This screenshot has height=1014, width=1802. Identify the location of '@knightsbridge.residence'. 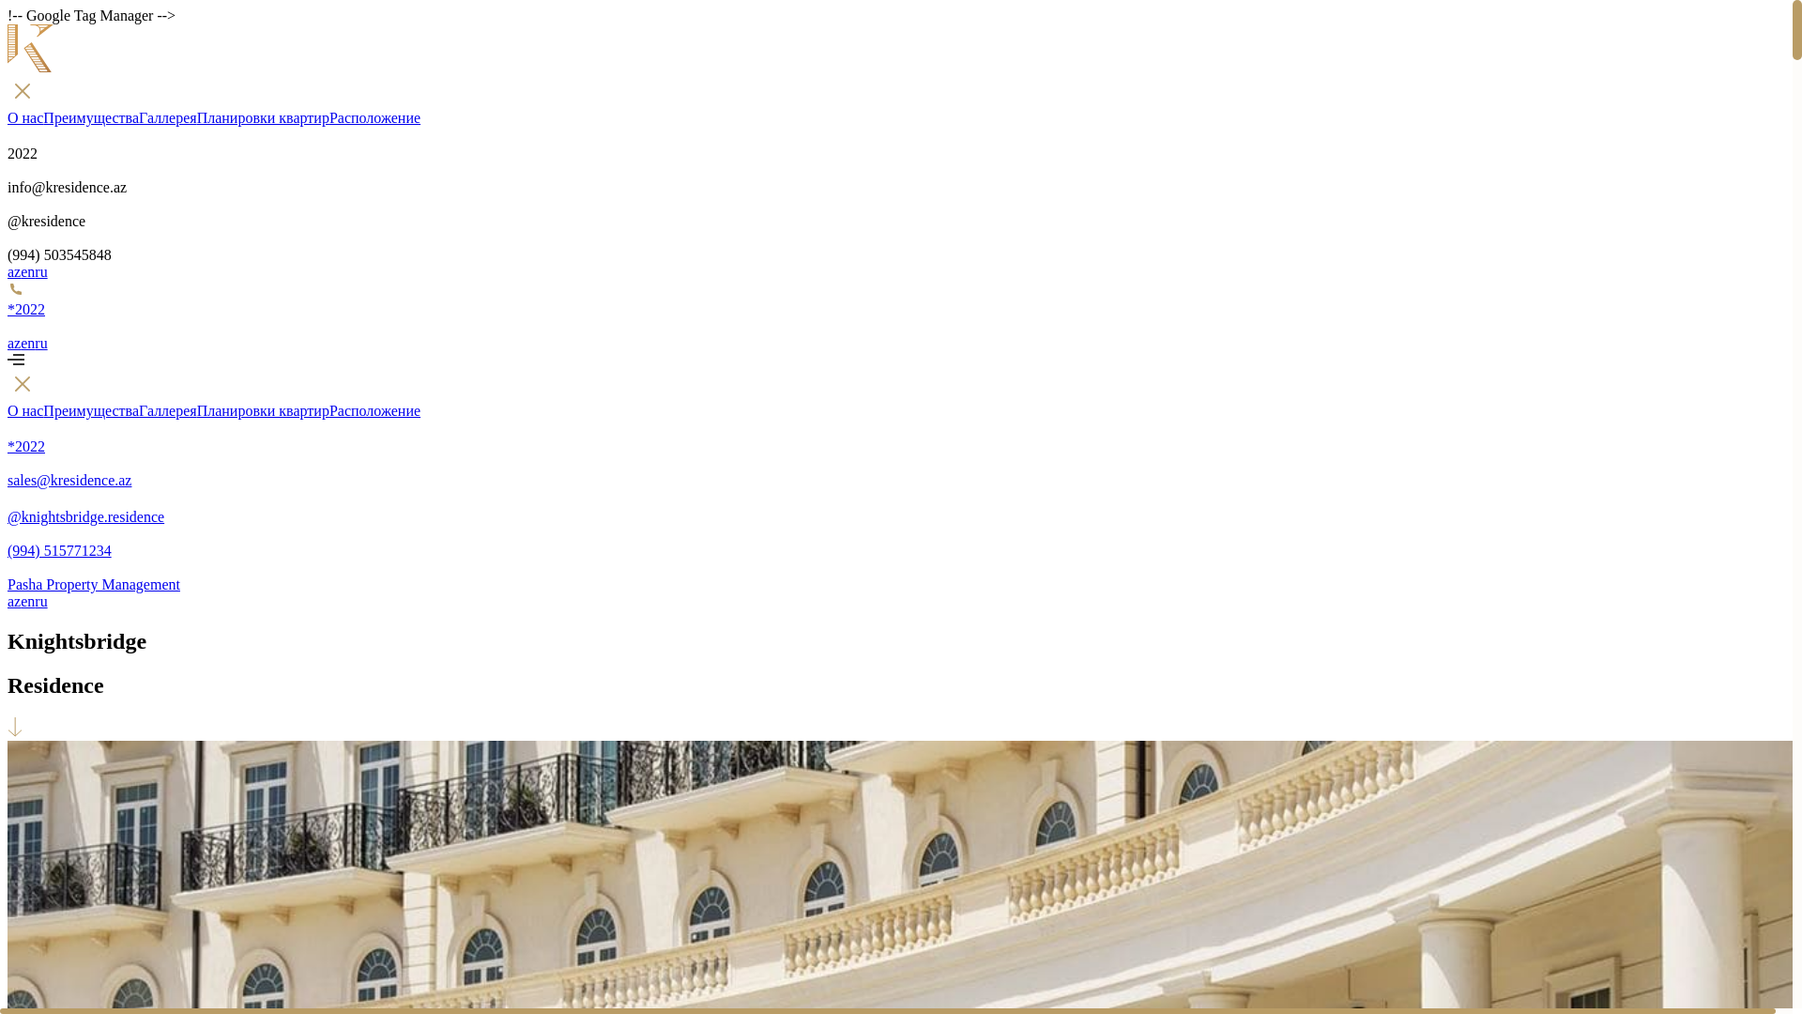
(895, 507).